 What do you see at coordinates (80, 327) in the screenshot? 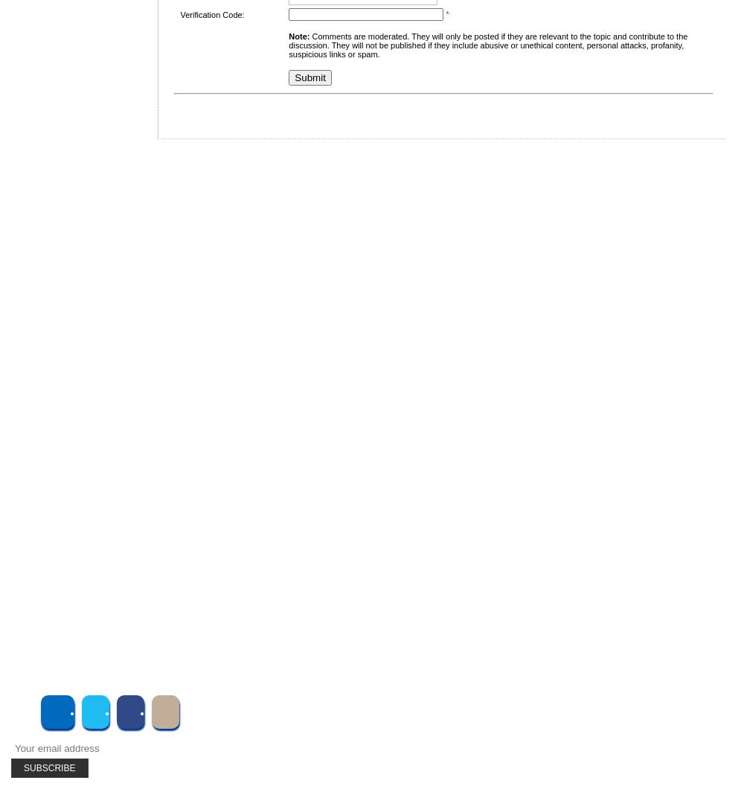
I see `'Undergraduate'` at bounding box center [80, 327].